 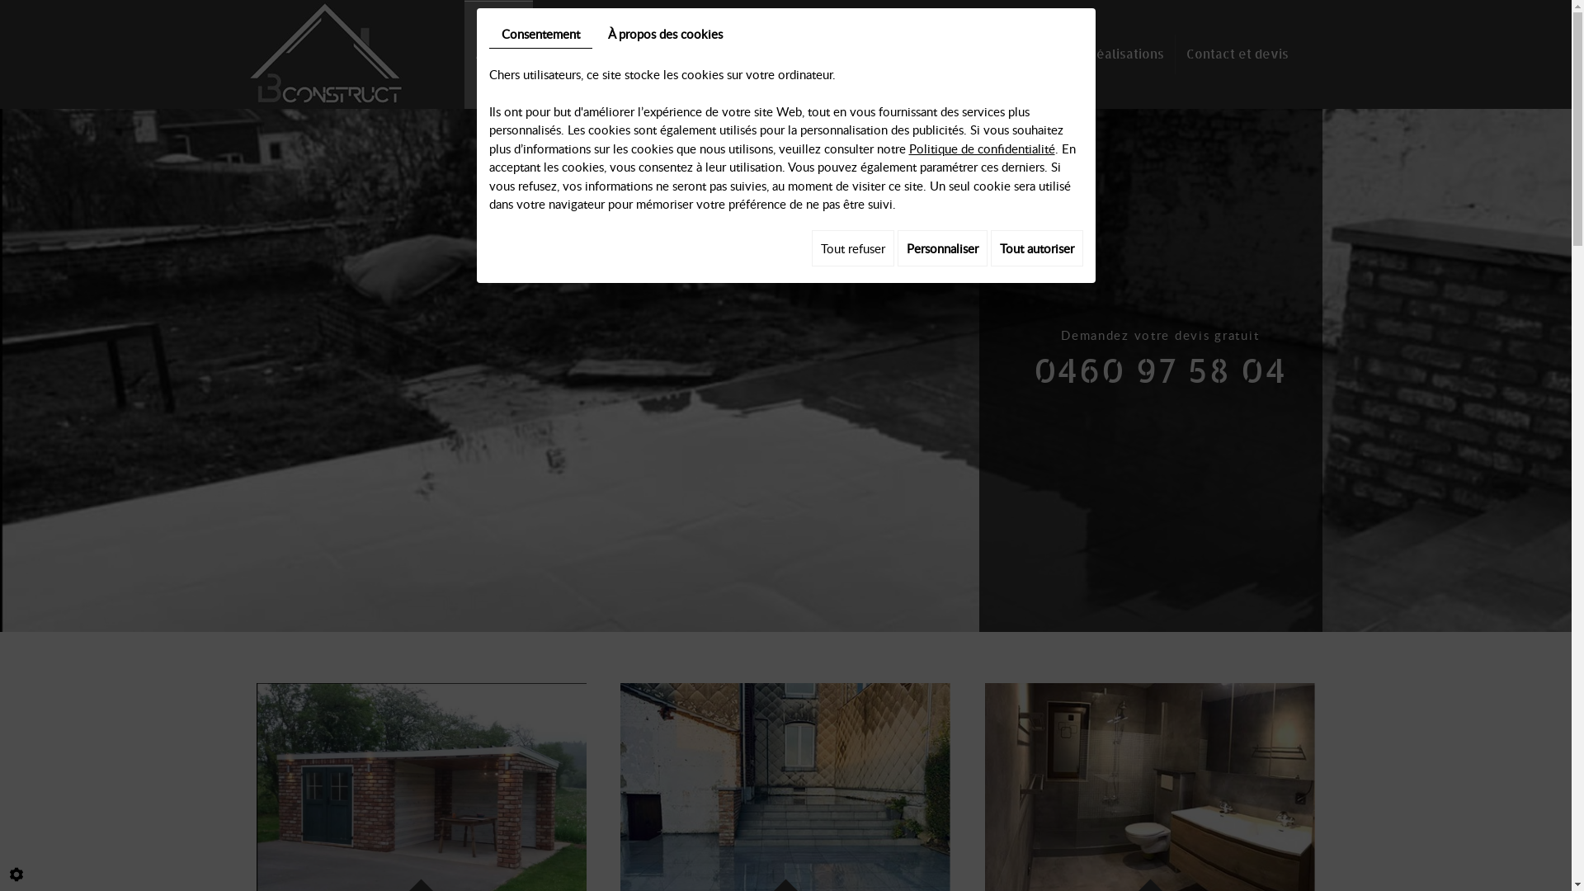 I want to click on '0460 97 58 04', so click(x=1158, y=369).